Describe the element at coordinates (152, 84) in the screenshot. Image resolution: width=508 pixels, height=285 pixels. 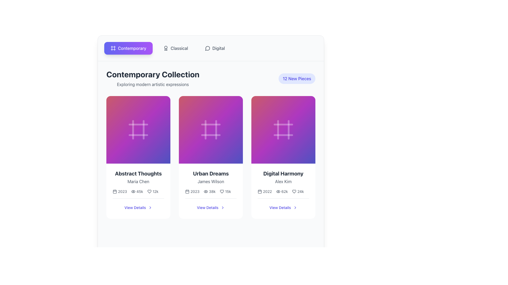
I see `text label providing context for the title 'Contemporary Collection' located below it` at that location.